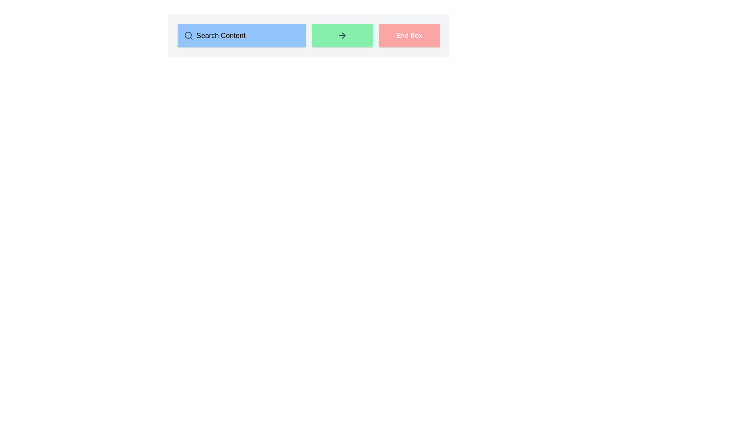  What do you see at coordinates (220, 36) in the screenshot?
I see `the 'Search Content' text label which is a bold, medium-sized font with a light blue background, positioned next to a search icon` at bounding box center [220, 36].